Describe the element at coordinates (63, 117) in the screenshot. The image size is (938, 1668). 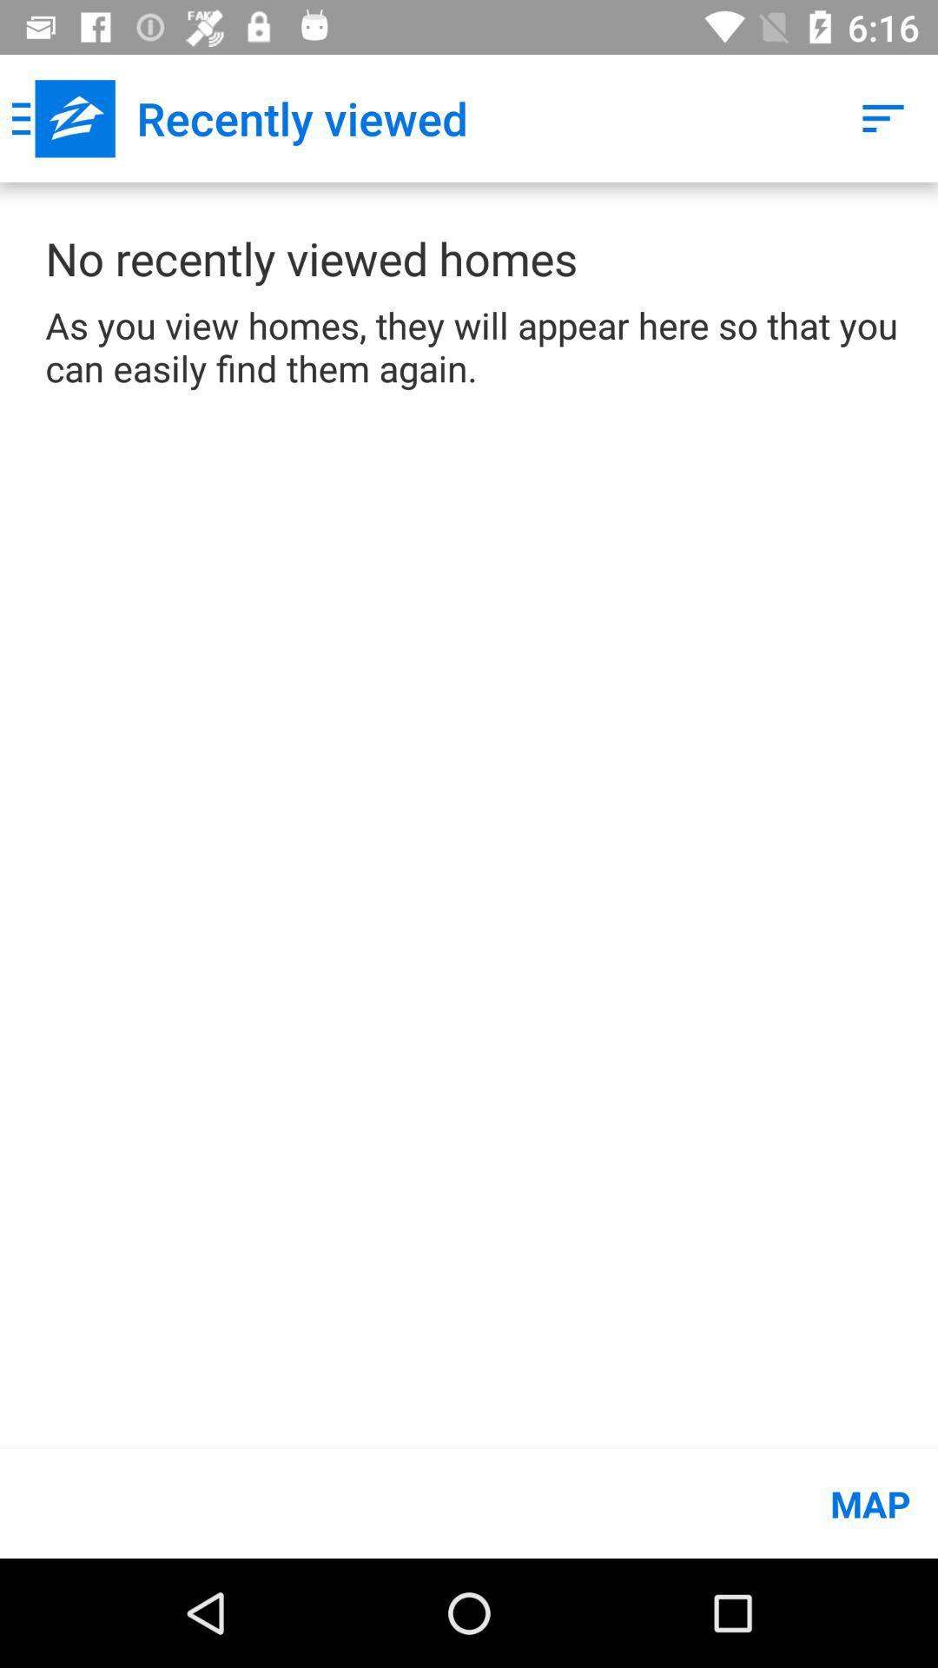
I see `item above the no recently viewed item` at that location.